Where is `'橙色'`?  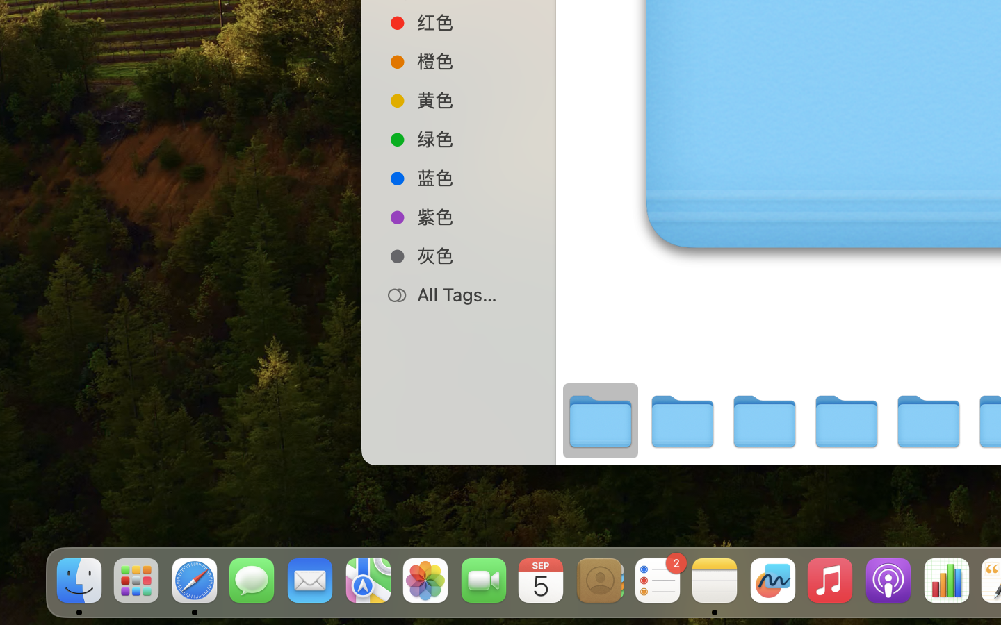
'橙色' is located at coordinates (473, 60).